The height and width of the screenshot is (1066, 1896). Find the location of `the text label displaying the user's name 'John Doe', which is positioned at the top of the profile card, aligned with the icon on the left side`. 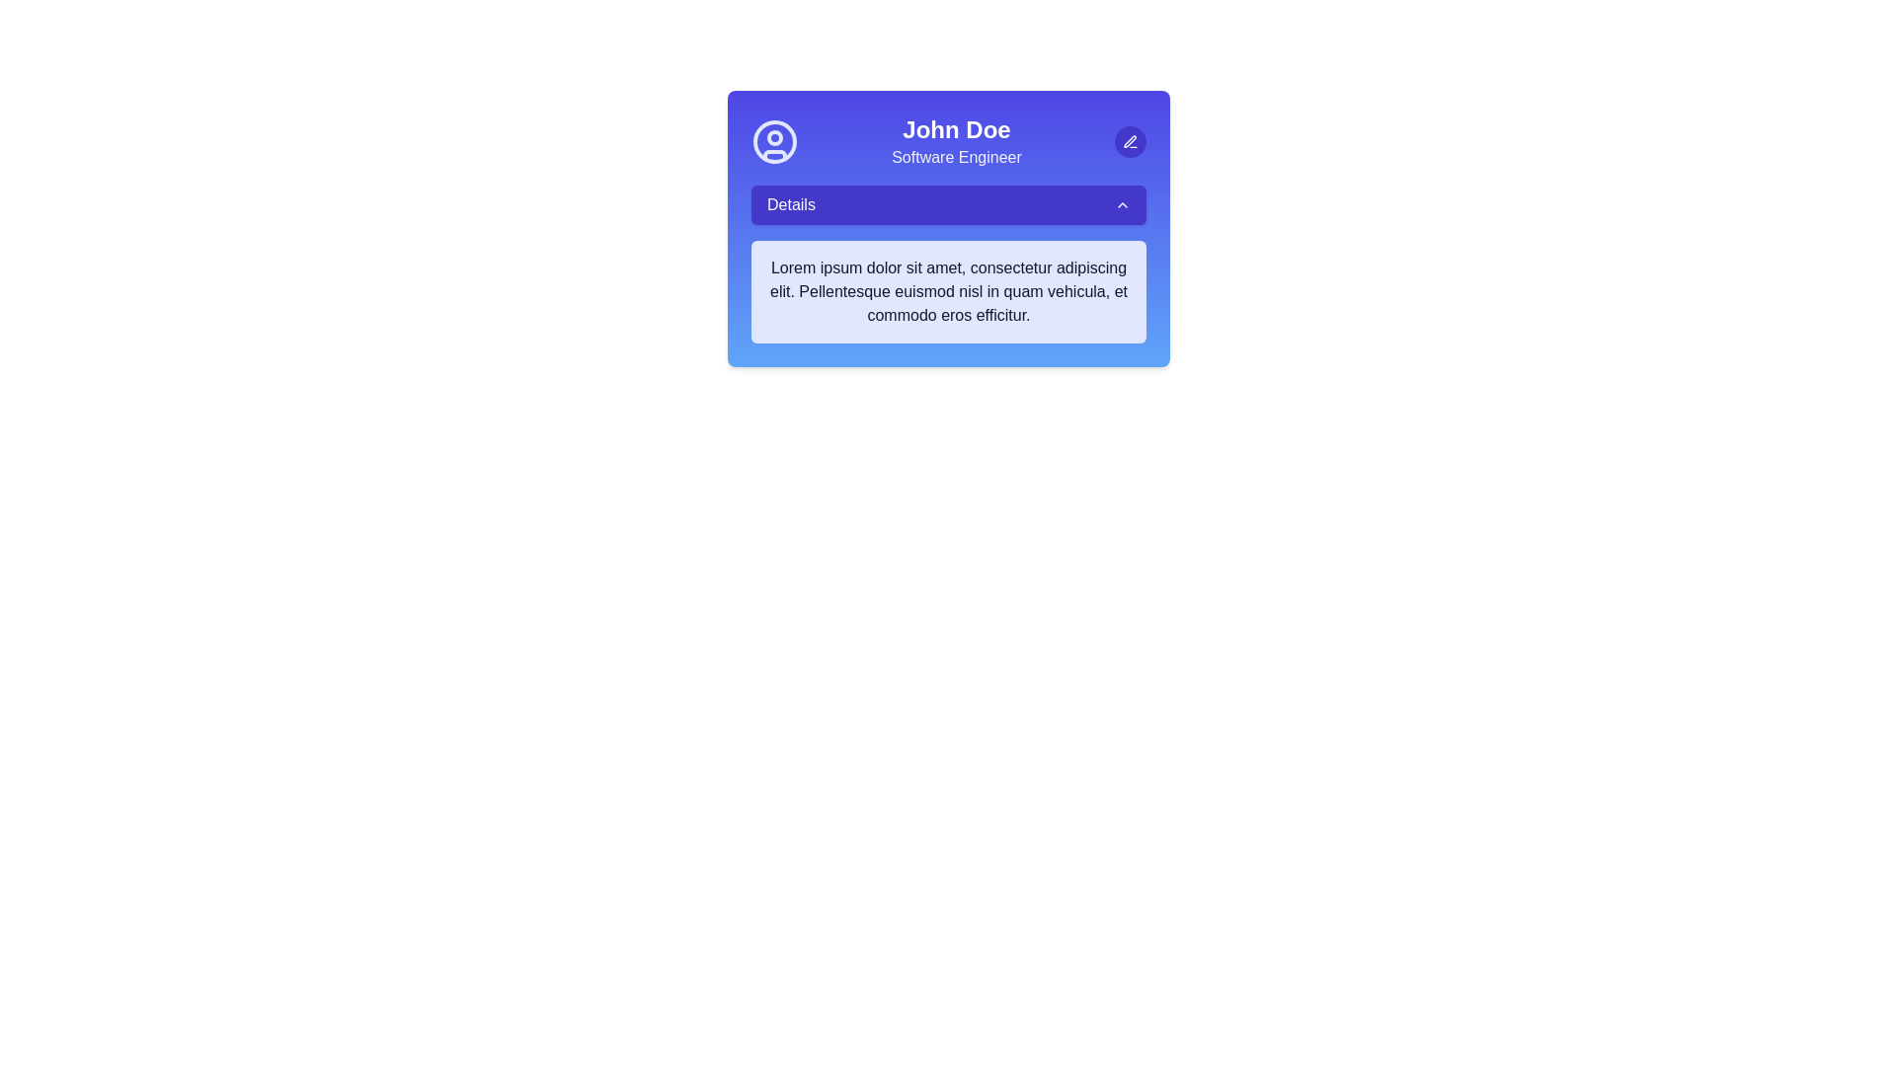

the text label displaying the user's name 'John Doe', which is positioned at the top of the profile card, aligned with the icon on the left side is located at coordinates (957, 129).